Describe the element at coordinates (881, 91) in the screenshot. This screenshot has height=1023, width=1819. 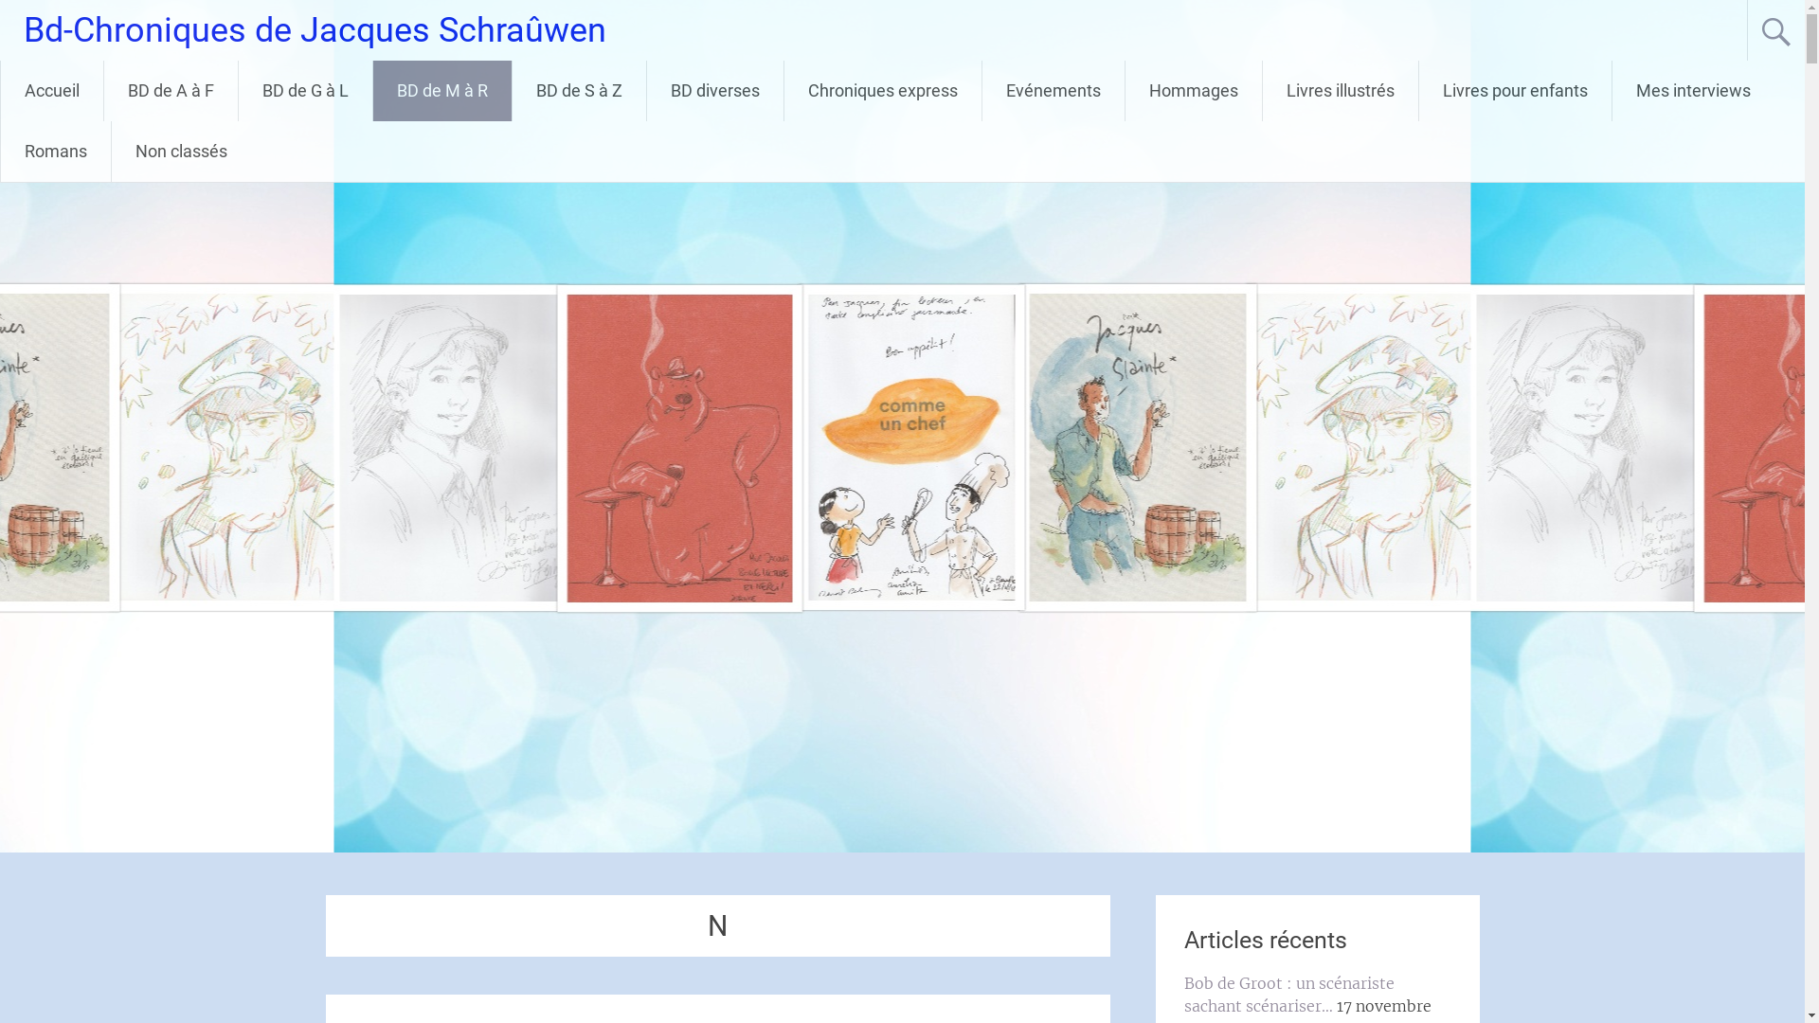
I see `'Chroniques express'` at that location.